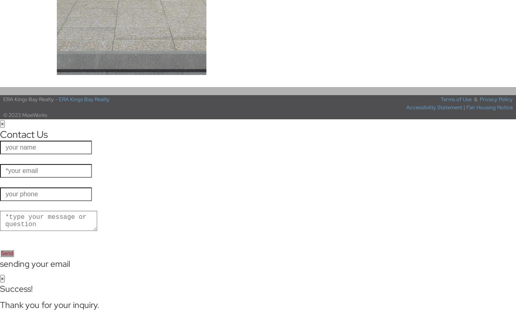  What do you see at coordinates (31, 99) in the screenshot?
I see `'ERA Kings Bay Realty -'` at bounding box center [31, 99].